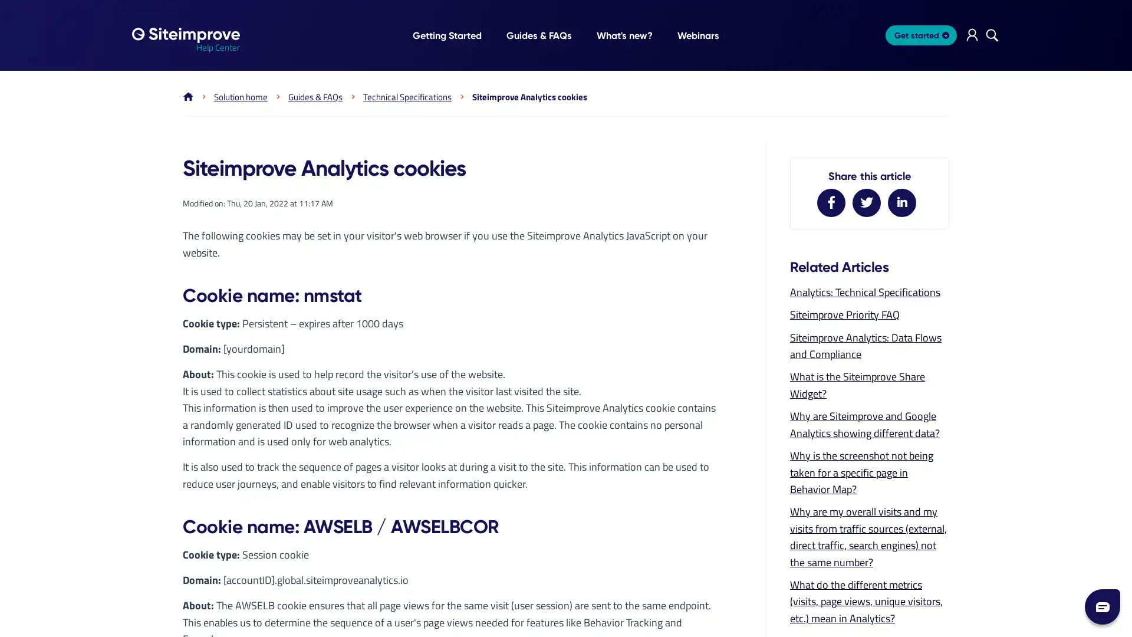 The image size is (1132, 637). Describe the element at coordinates (429, 435) in the screenshot. I see `Allow all cookies` at that location.